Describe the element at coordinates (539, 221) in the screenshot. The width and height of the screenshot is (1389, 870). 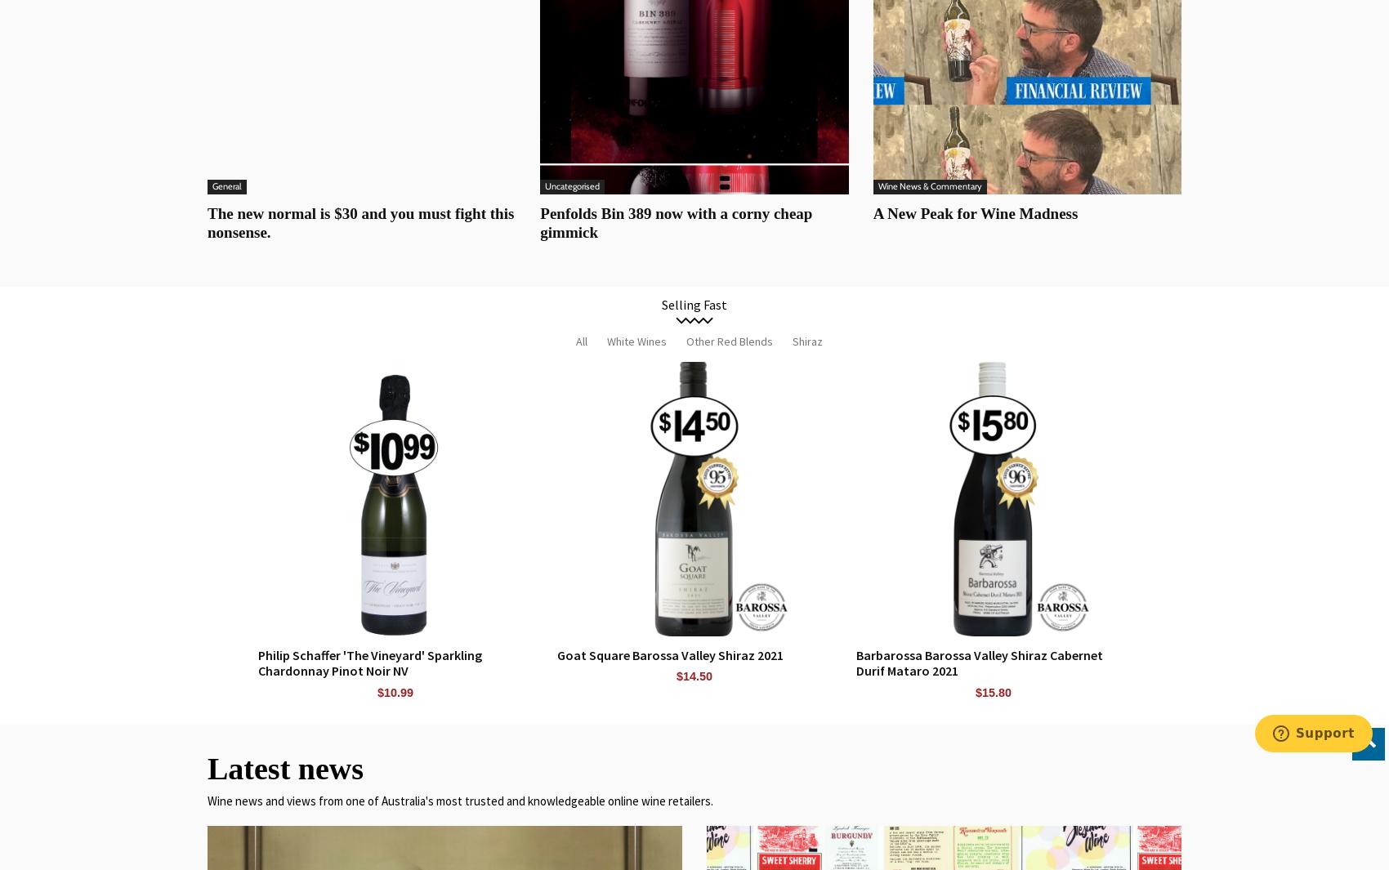
I see `'Penfolds Bin 389 now with a corny cheap gimmick'` at that location.